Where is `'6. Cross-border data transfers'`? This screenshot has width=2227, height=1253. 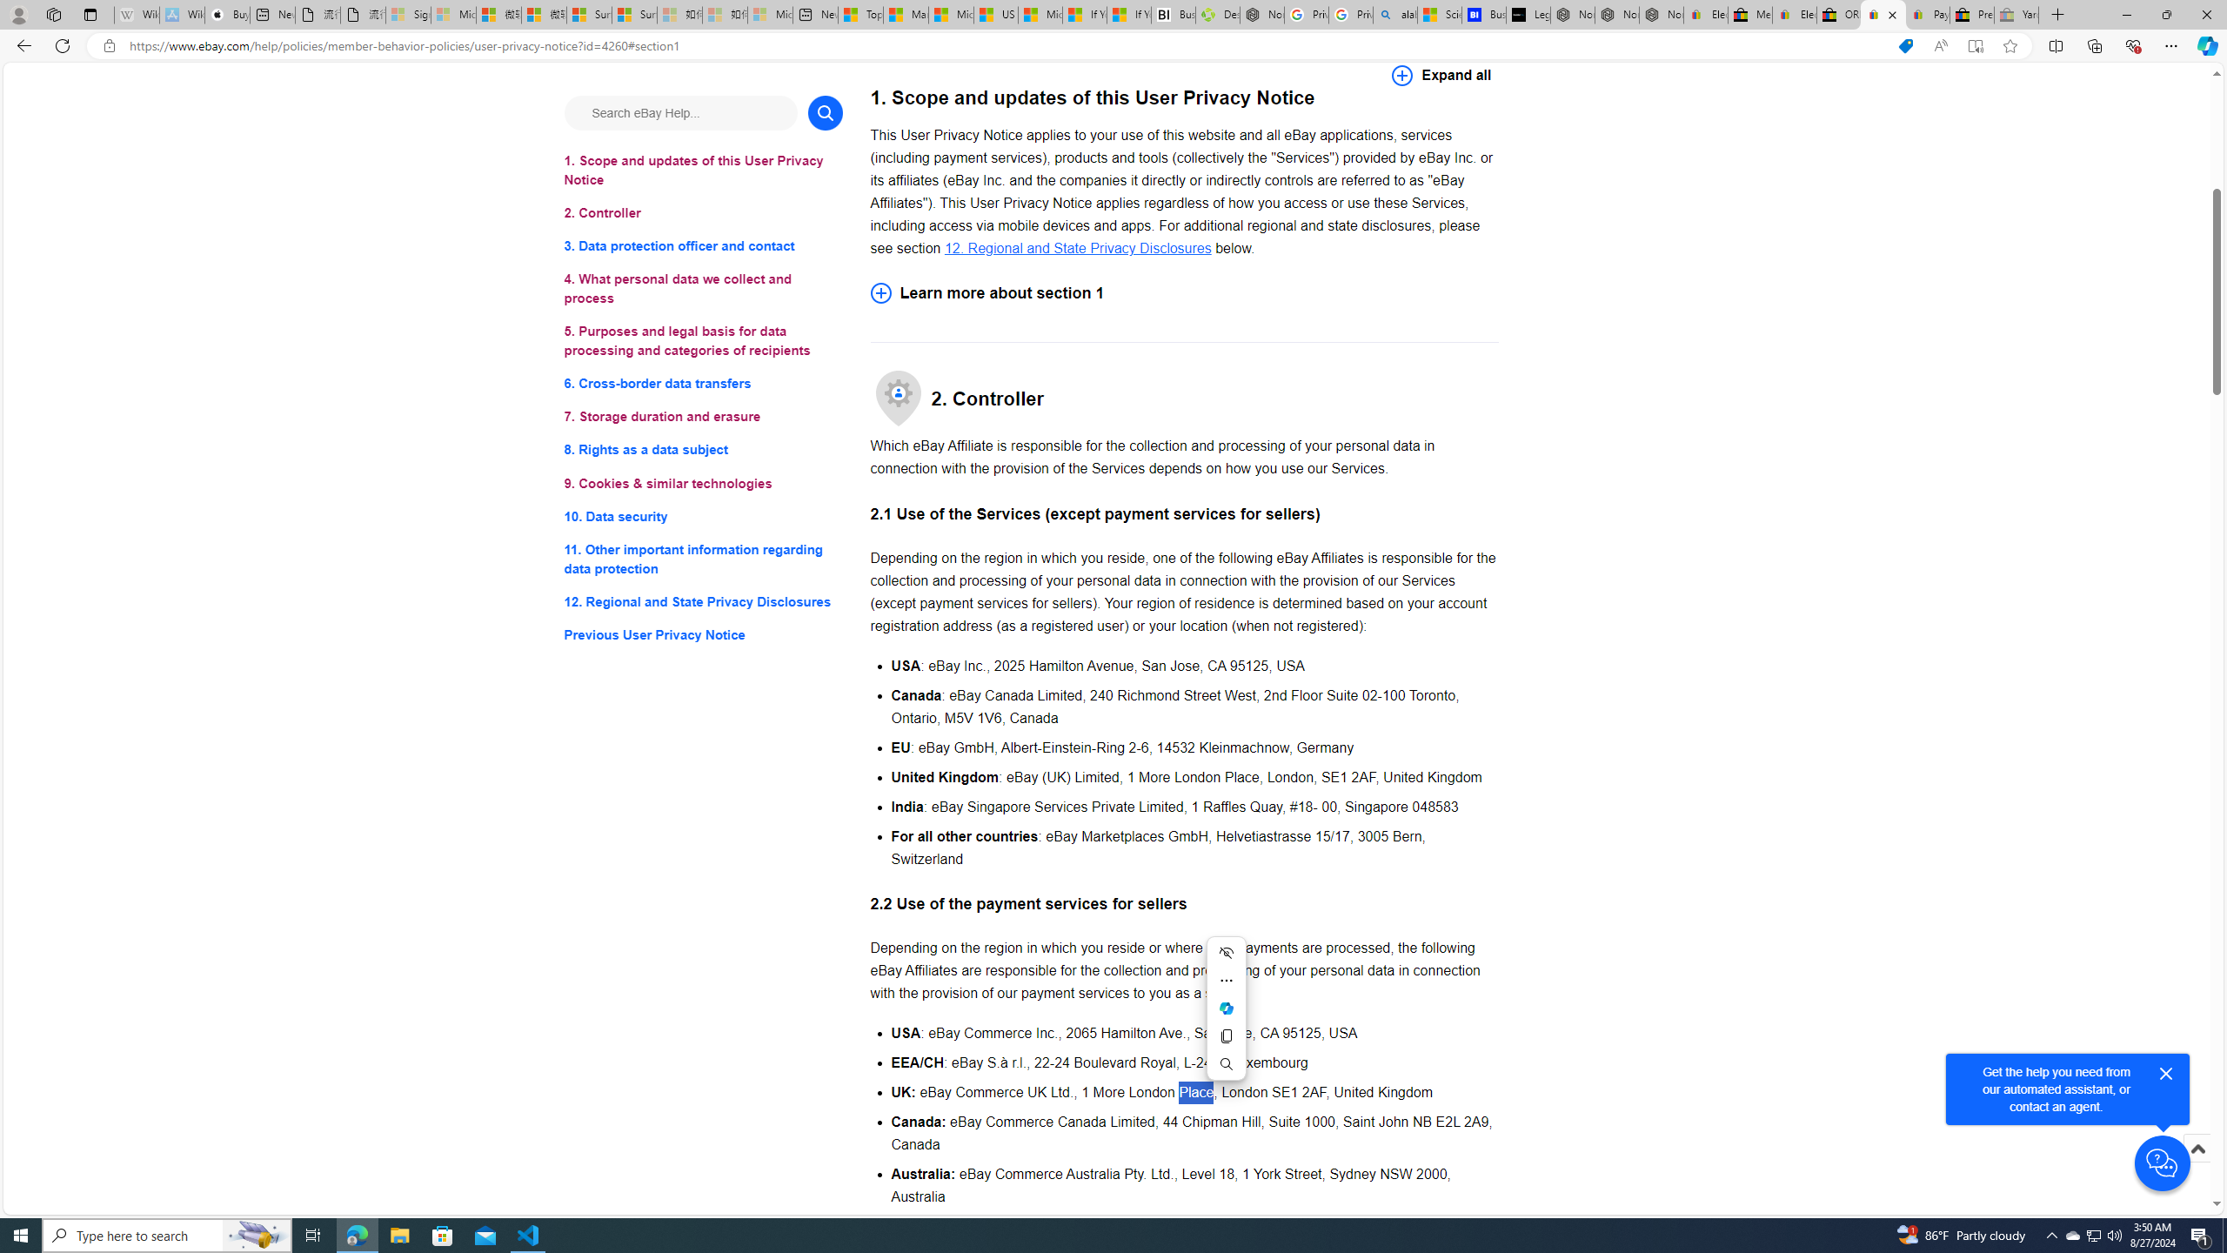
'6. Cross-border data transfers' is located at coordinates (702, 384).